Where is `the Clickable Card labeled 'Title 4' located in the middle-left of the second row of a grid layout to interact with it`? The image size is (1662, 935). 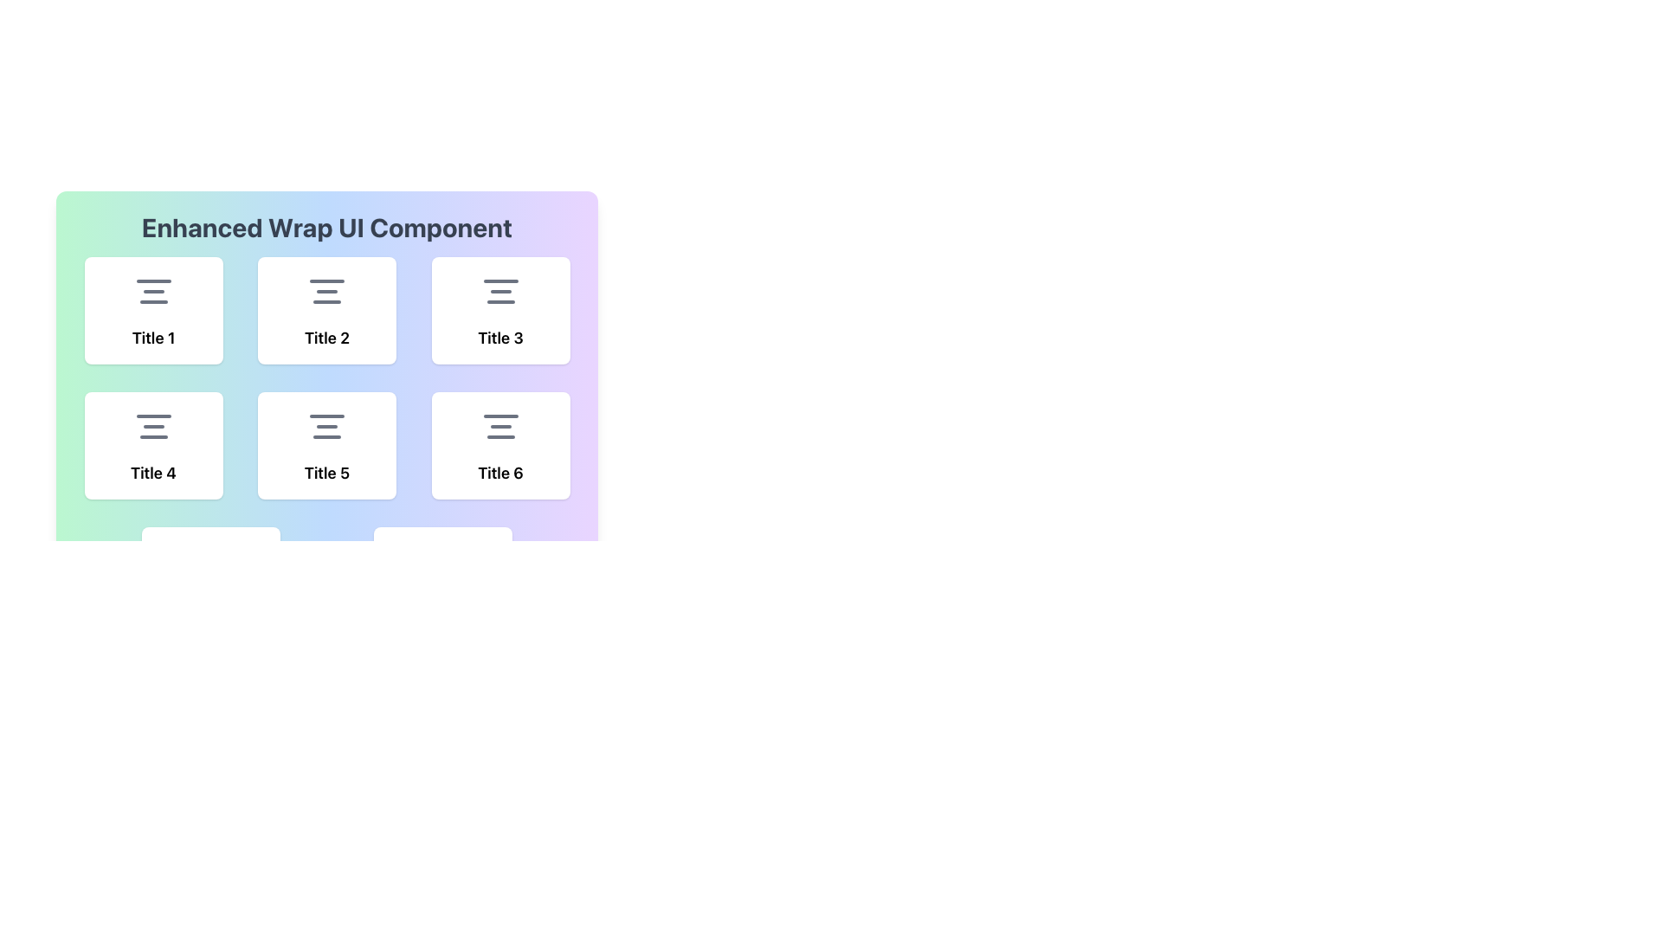
the Clickable Card labeled 'Title 4' located in the middle-left of the second row of a grid layout to interact with it is located at coordinates (153, 445).